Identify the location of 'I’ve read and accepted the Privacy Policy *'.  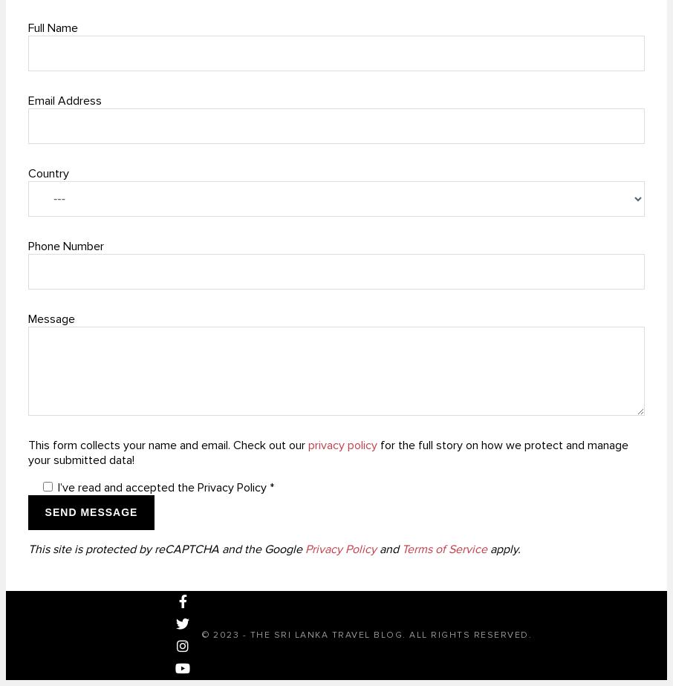
(165, 487).